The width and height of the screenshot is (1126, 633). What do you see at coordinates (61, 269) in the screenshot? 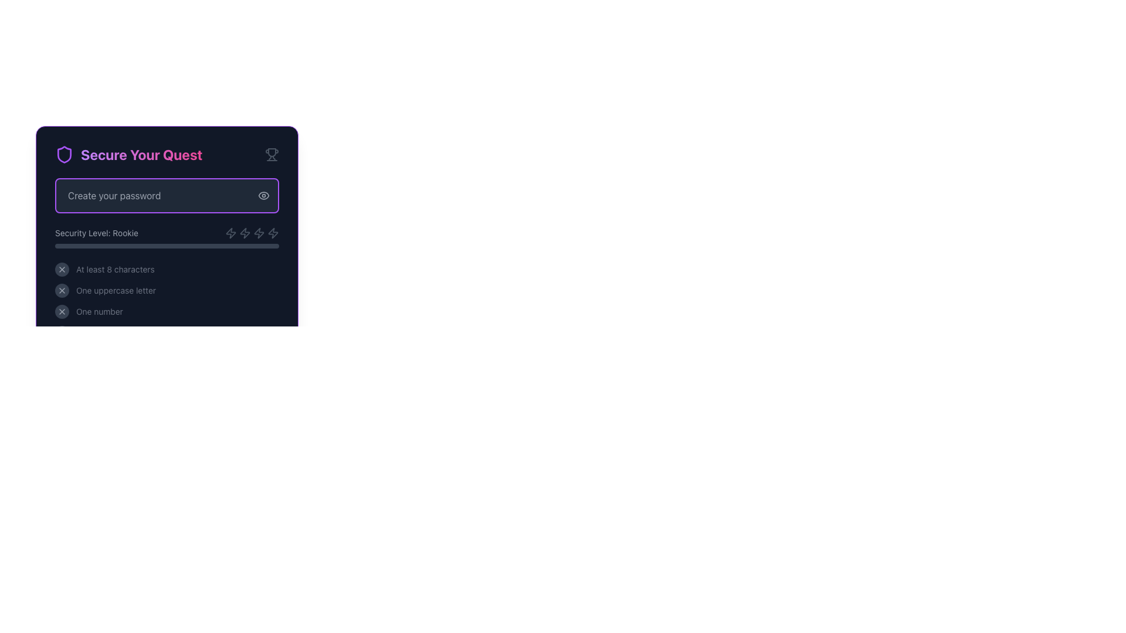
I see `the state of the Icon with a circle background that indicates unmet password validation criteria, located to the left of the text 'At least 8 characters'` at bounding box center [61, 269].